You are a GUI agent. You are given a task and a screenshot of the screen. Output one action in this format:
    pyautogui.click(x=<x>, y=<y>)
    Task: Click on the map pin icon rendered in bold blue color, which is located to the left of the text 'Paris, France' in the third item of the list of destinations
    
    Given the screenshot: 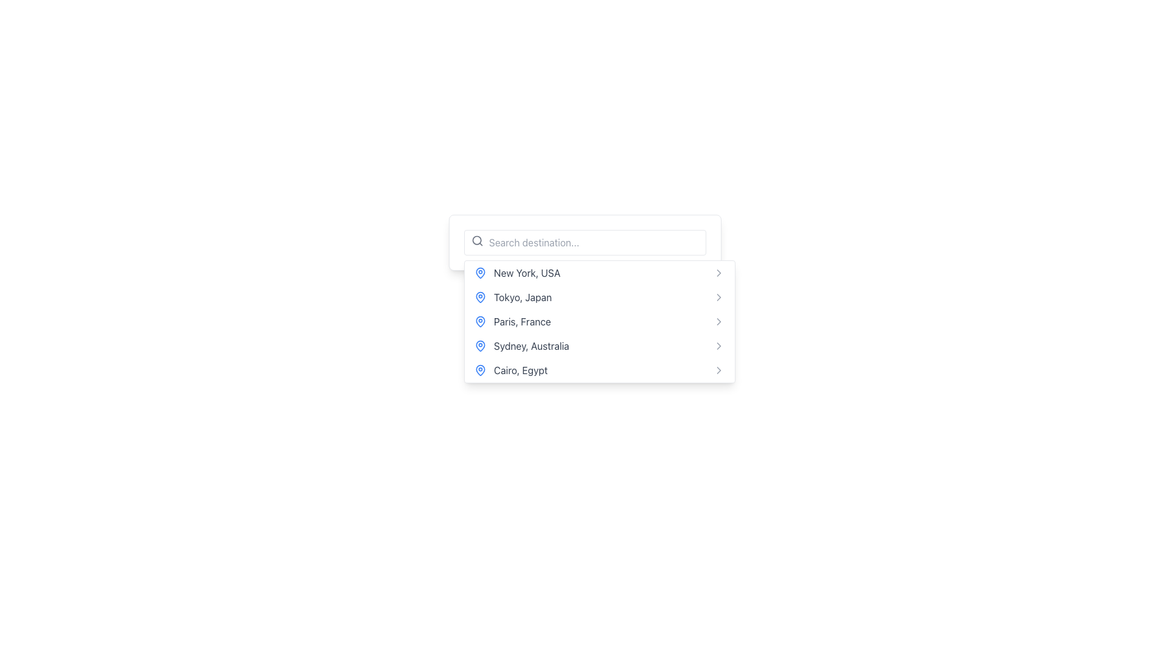 What is the action you would take?
    pyautogui.click(x=480, y=321)
    